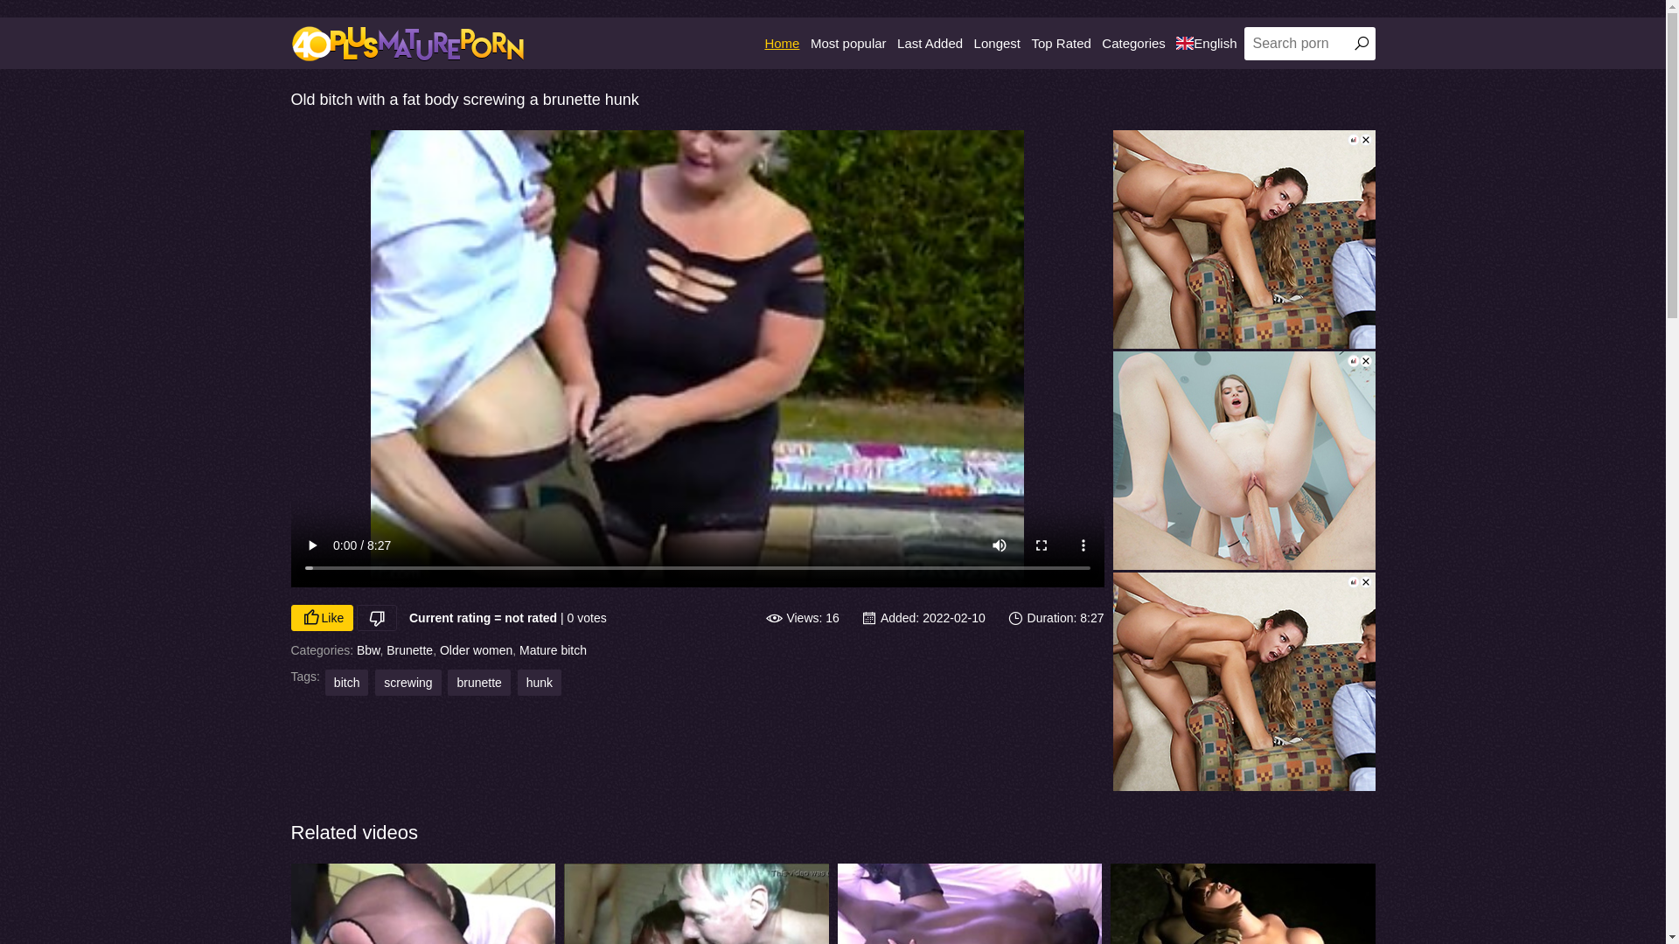  I want to click on 'brunette', so click(478, 681).